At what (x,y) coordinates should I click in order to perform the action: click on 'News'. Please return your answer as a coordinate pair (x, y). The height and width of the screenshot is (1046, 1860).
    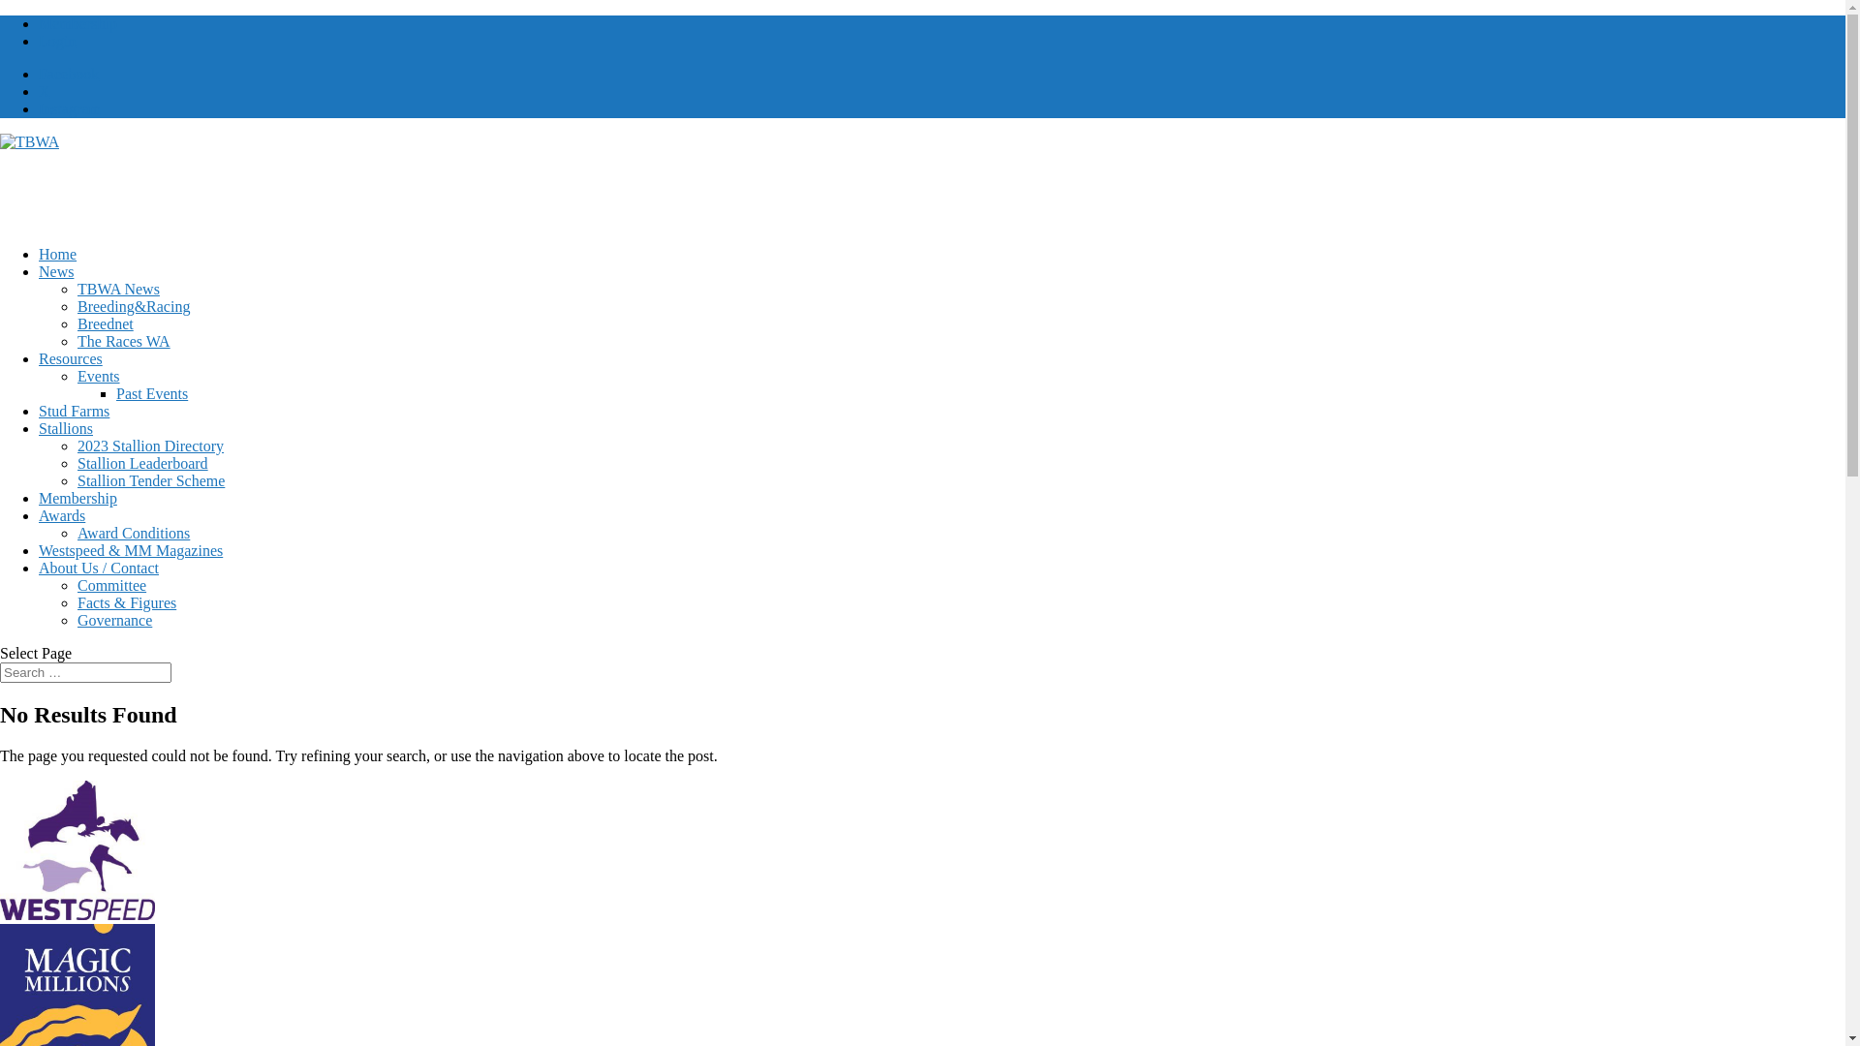
    Looking at the image, I should click on (55, 271).